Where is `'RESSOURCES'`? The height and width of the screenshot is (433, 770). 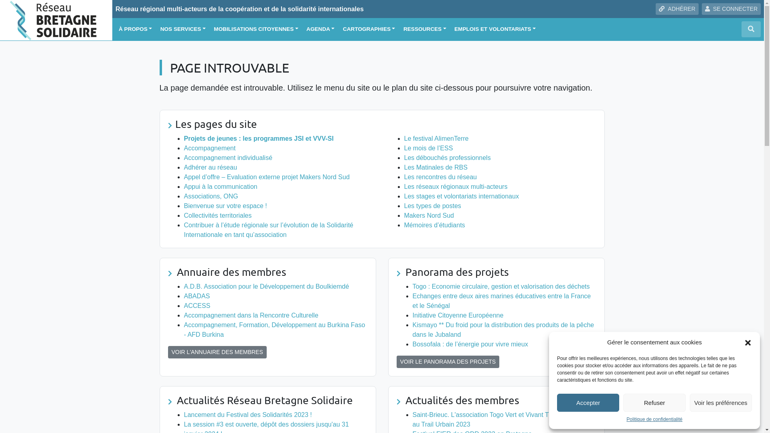
'RESSOURCES' is located at coordinates (424, 29).